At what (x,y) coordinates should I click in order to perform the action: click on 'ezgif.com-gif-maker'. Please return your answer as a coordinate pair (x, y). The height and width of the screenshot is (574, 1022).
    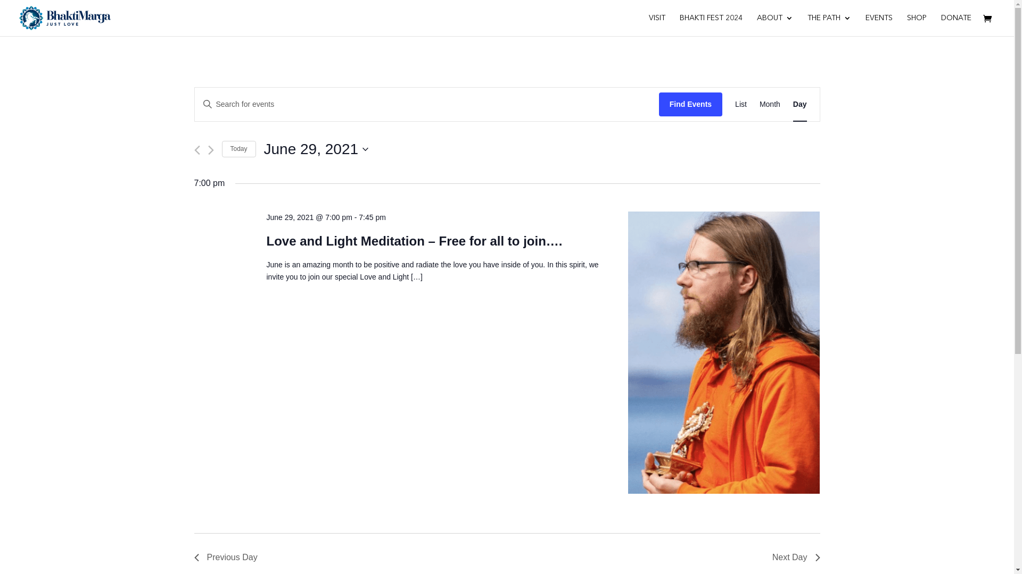
    Looking at the image, I should click on (723, 352).